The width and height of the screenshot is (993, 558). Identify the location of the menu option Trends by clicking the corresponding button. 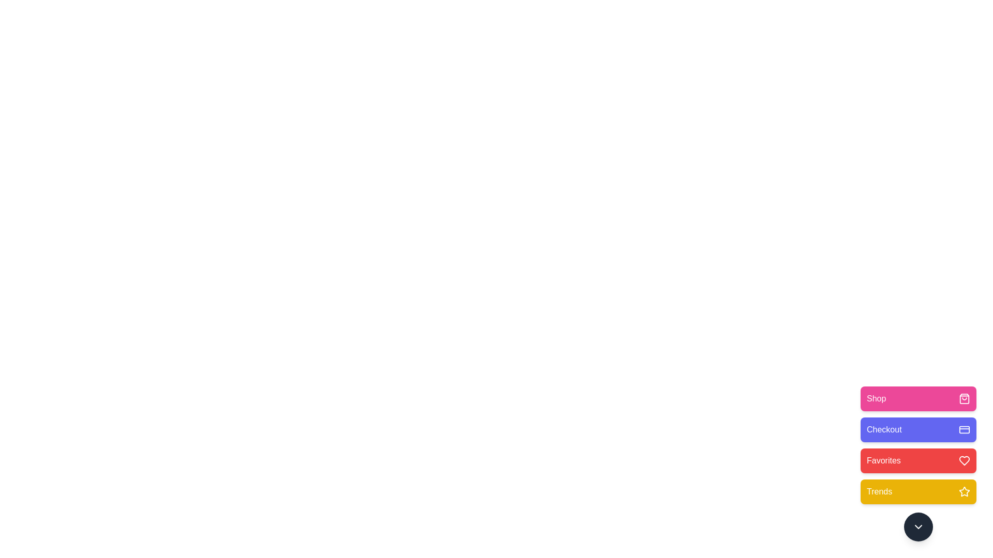
(919, 491).